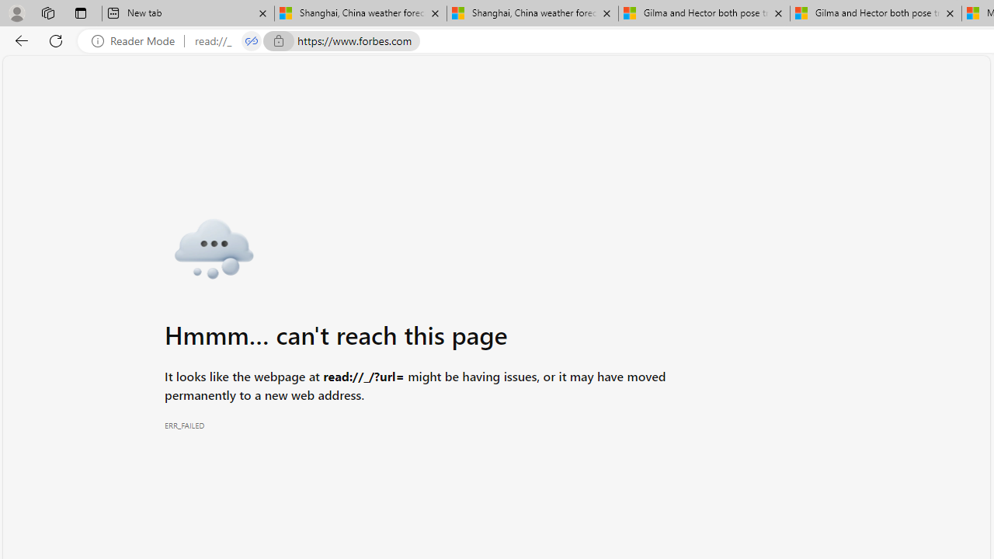 This screenshot has width=994, height=559. I want to click on 'Shanghai, China weather forecast | Microsoft Weather', so click(533, 13).